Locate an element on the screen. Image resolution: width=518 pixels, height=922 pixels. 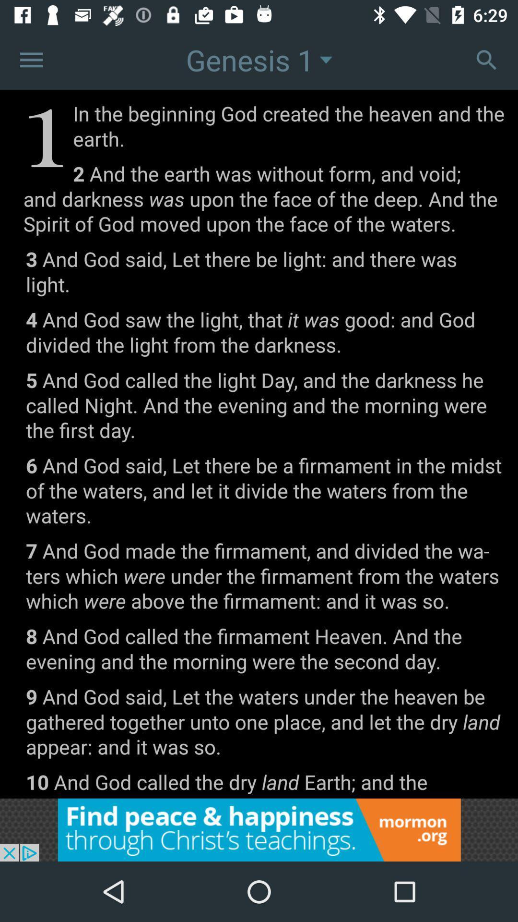
search is located at coordinates (486, 59).